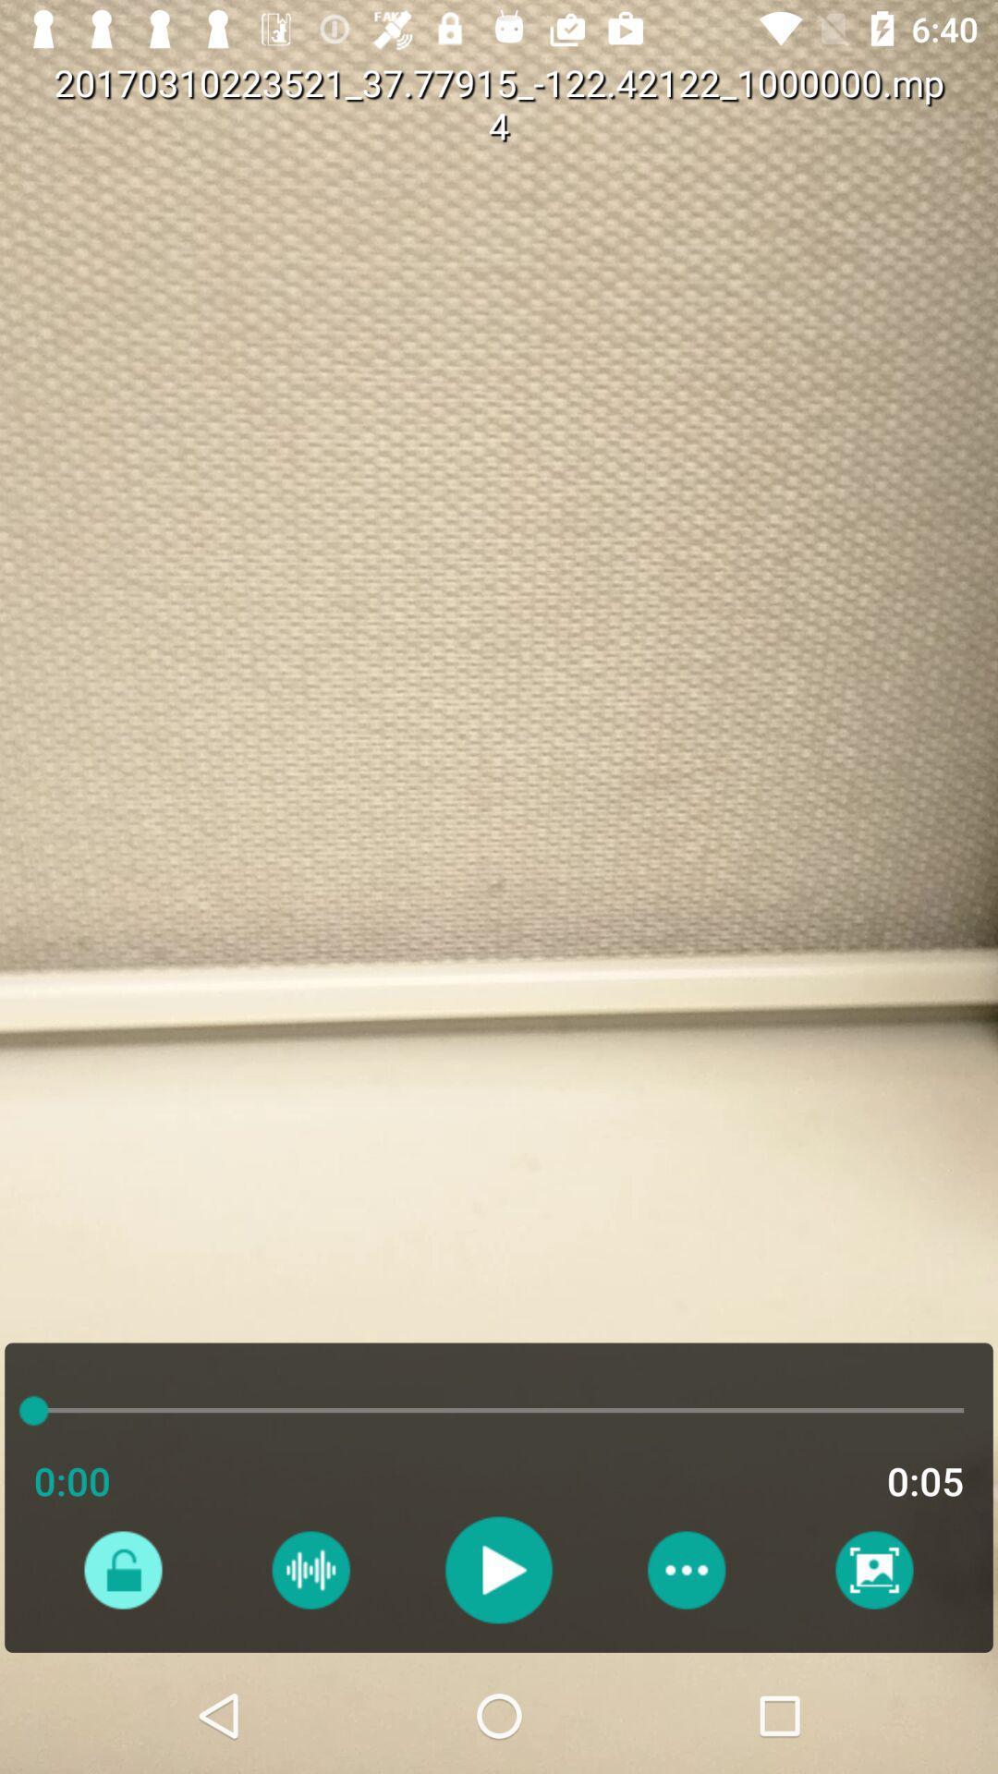  What do you see at coordinates (497, 1569) in the screenshot?
I see `the play icon` at bounding box center [497, 1569].